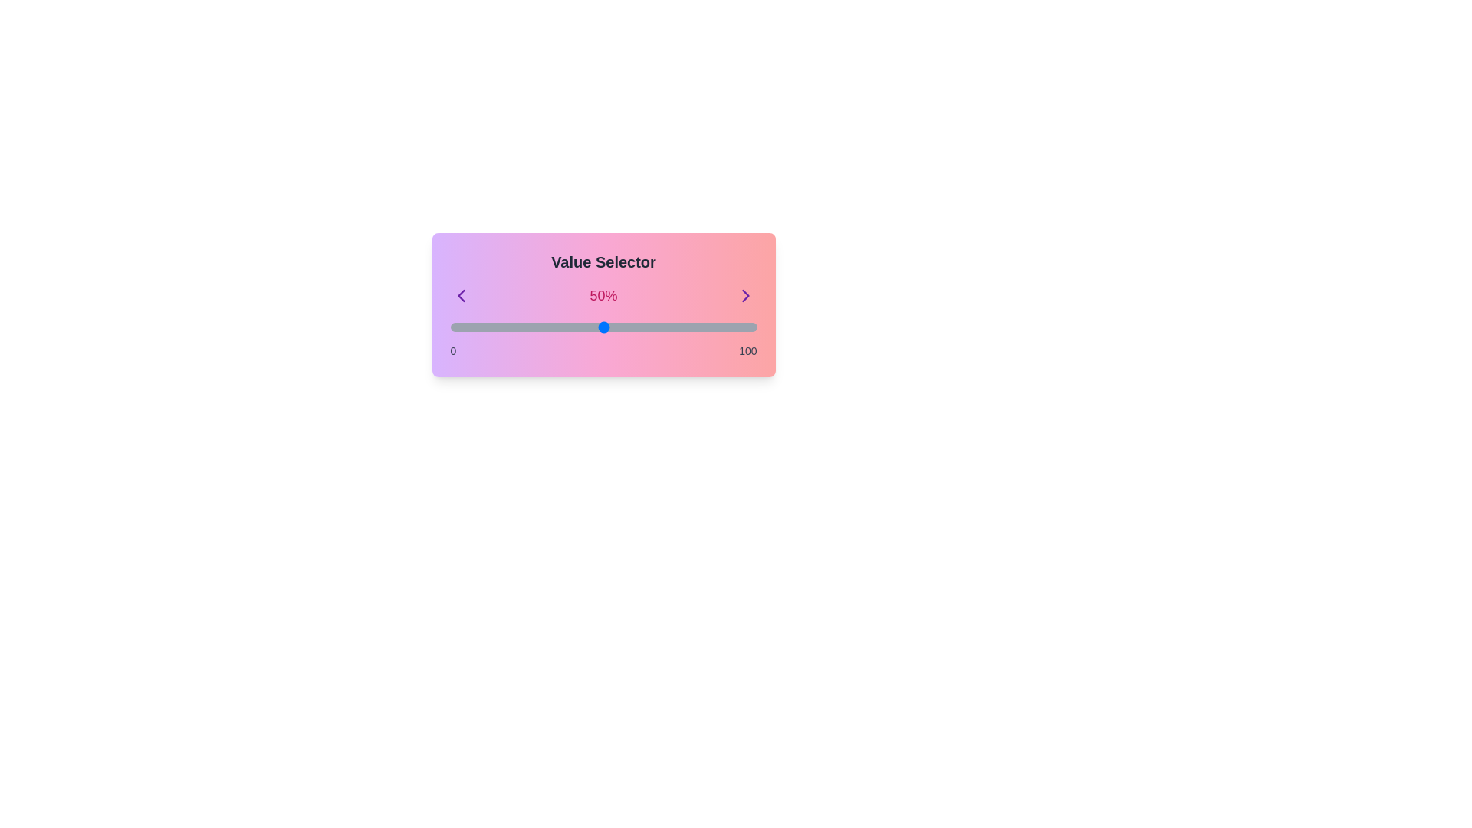 The image size is (1472, 828). Describe the element at coordinates (692, 327) in the screenshot. I see `the slider to set the value to 79` at that location.